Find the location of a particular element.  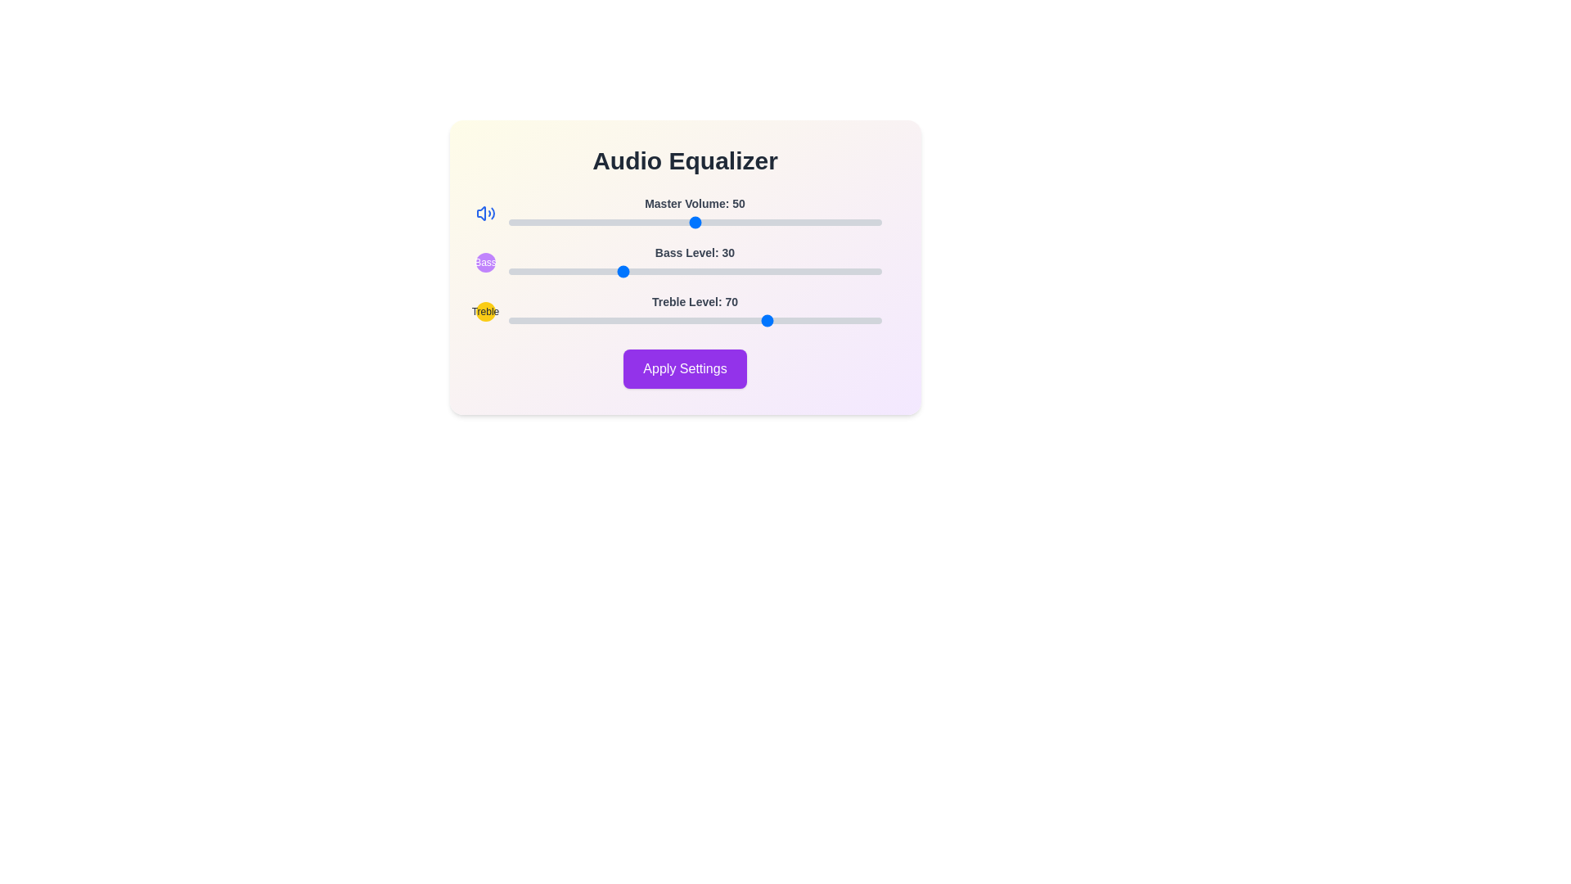

bass level is located at coordinates (731, 270).